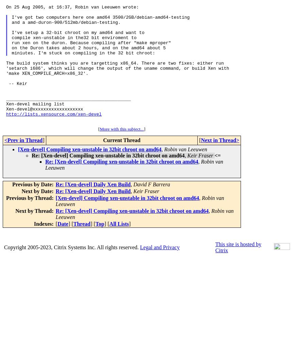 The image size is (292, 340). What do you see at coordinates (6, 71) in the screenshot?
I see `'command, or build Xen with 'make XEN_COMPILE_ARCH=x86_32'.'` at bounding box center [6, 71].